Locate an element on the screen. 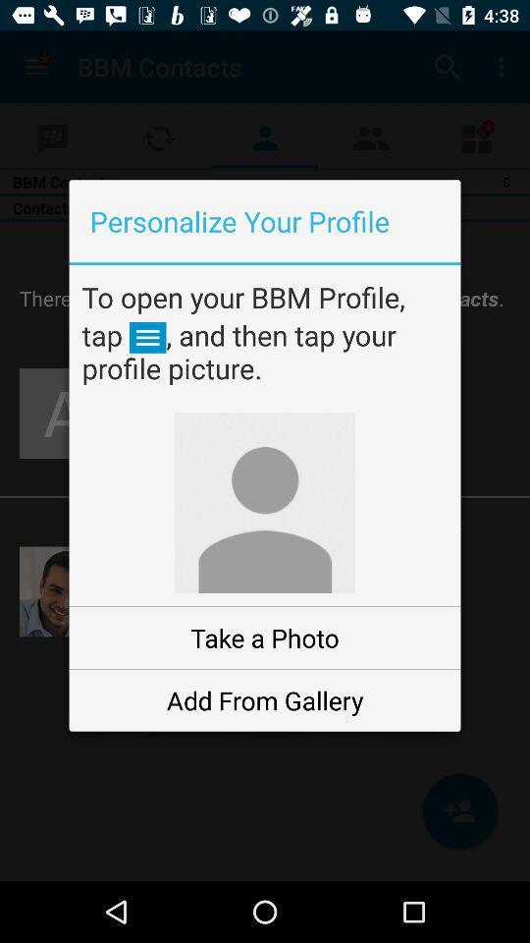 This screenshot has width=530, height=943. take a photo item is located at coordinates (265, 637).